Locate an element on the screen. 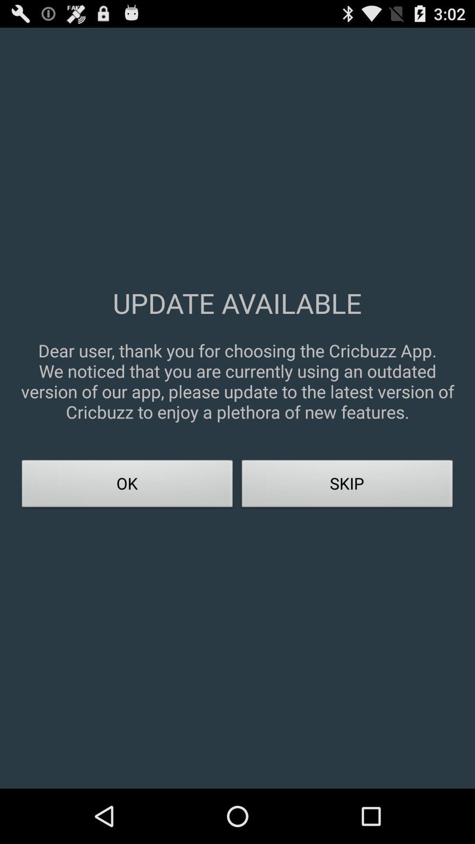  the icon next to ok is located at coordinates (347, 486).